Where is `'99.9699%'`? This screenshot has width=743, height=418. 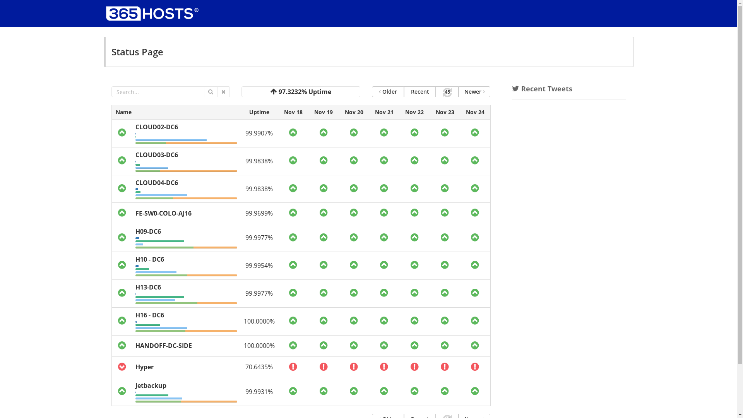
'99.9699%' is located at coordinates (259, 213).